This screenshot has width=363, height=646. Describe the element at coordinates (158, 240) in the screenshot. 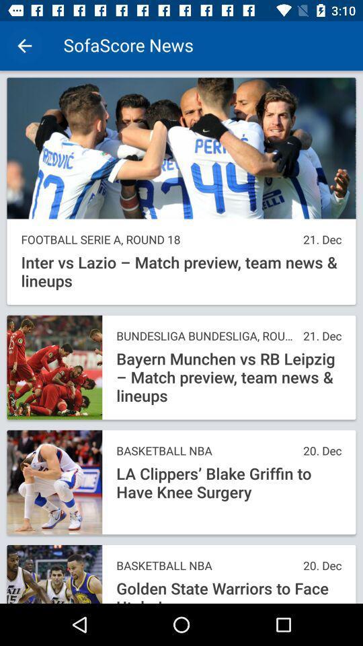

I see `football serie a icon` at that location.